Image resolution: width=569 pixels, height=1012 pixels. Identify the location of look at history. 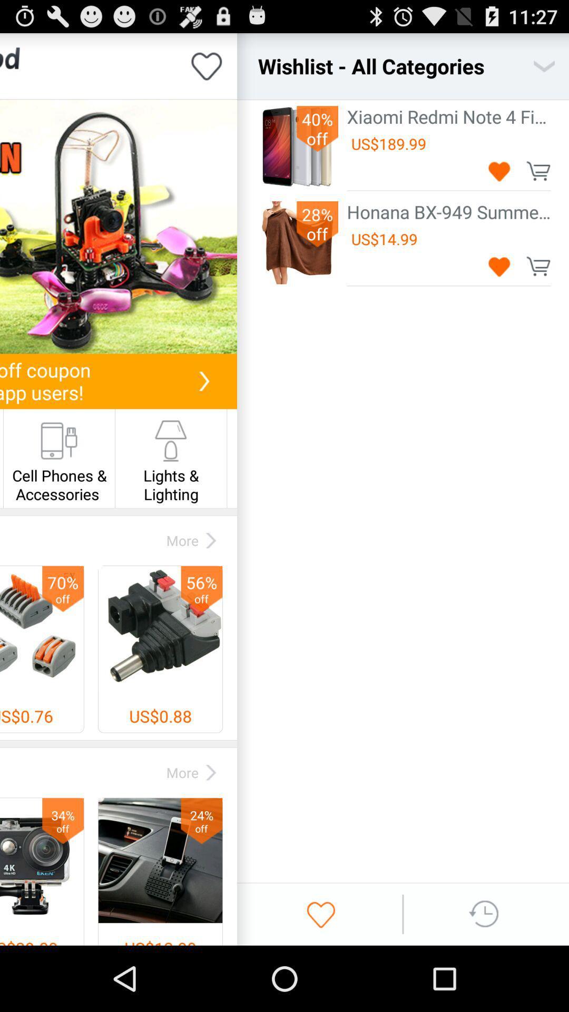
(485, 913).